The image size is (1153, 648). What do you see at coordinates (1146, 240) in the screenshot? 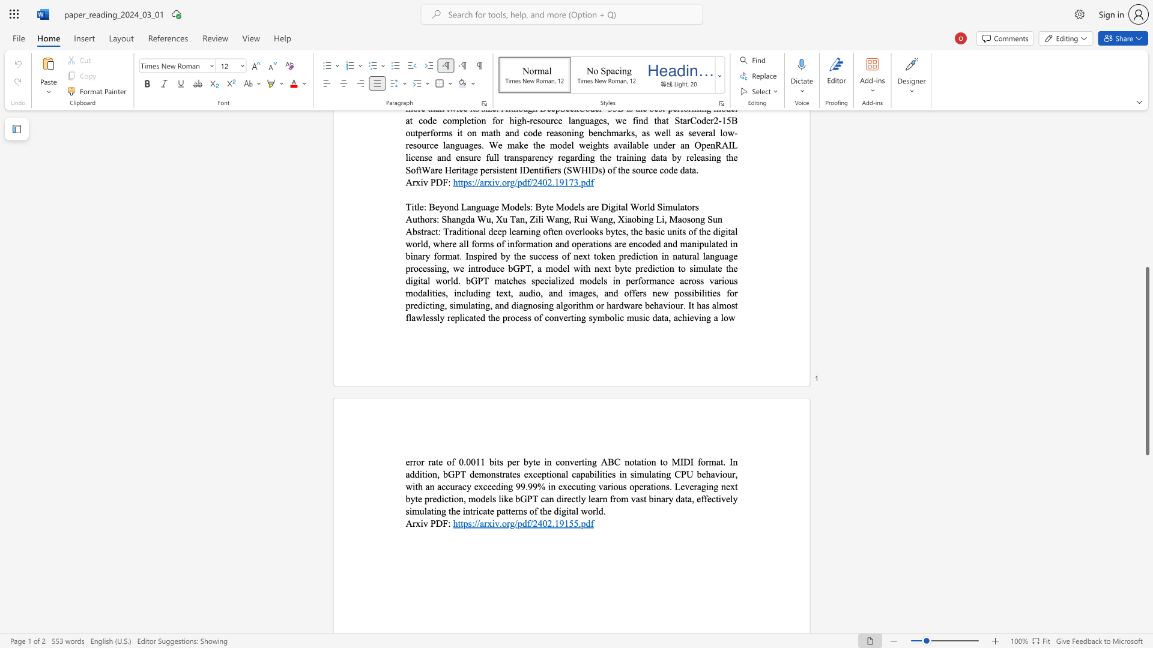
I see `the scrollbar on the right to shift the page higher` at bounding box center [1146, 240].